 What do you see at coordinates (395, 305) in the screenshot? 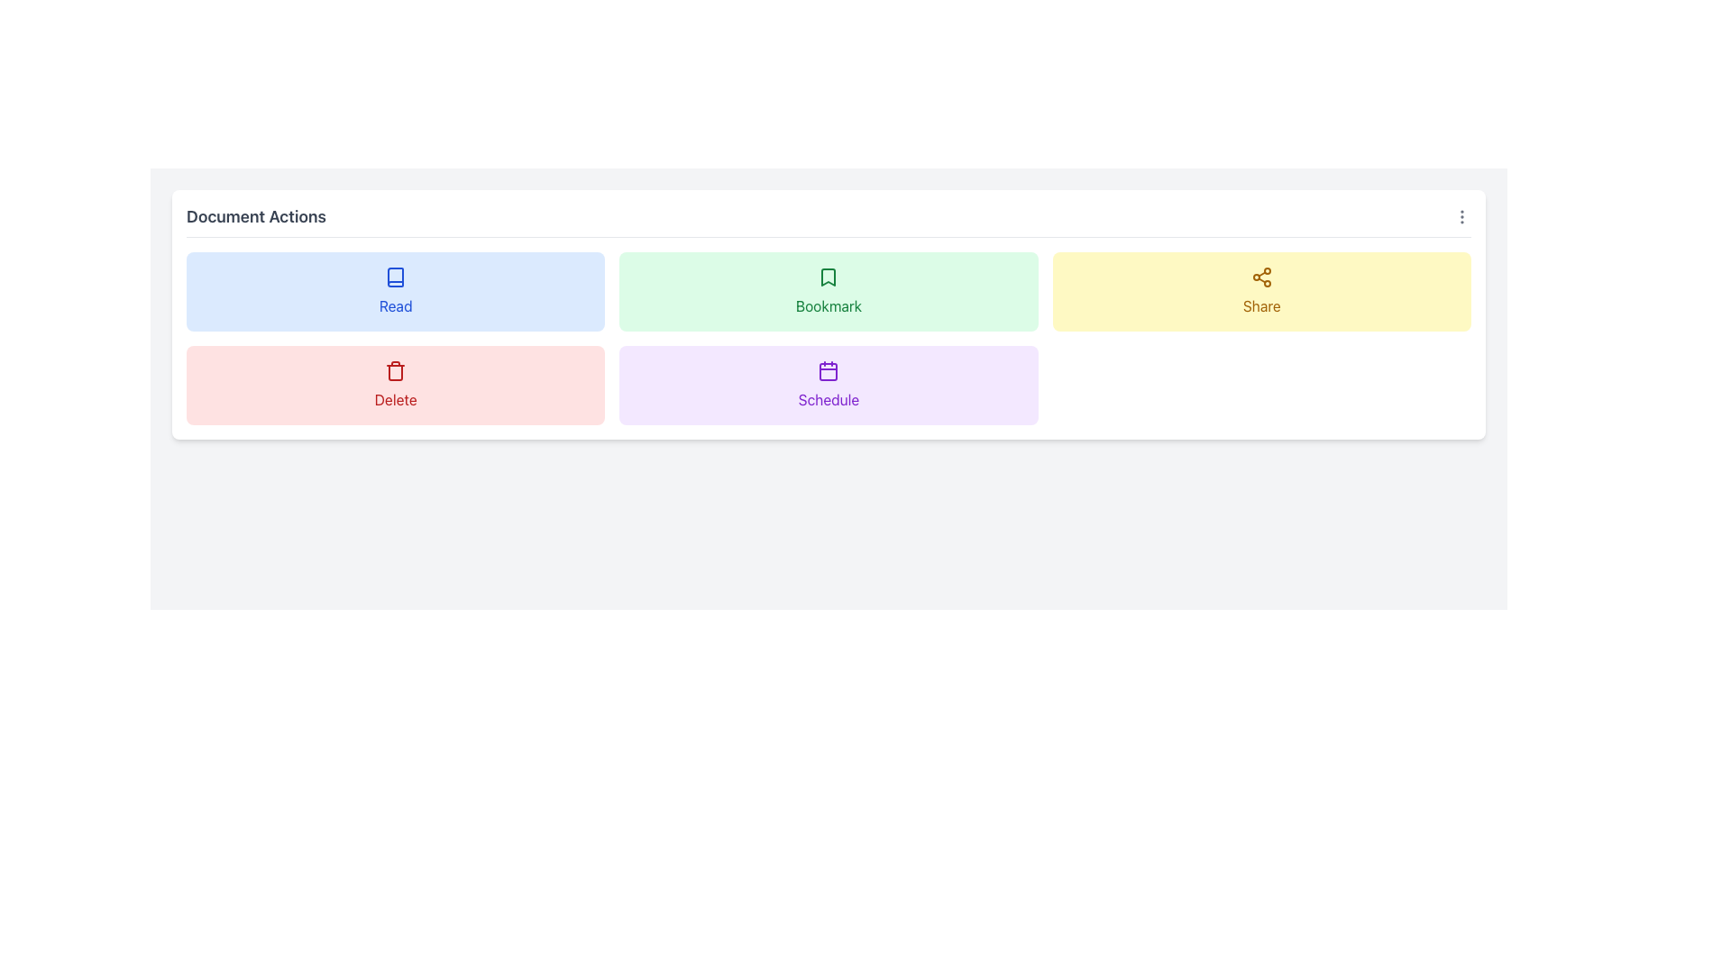
I see `the Text Label that describes the 'Read' action, which is centrally positioned in the first column of the top row of action containers` at bounding box center [395, 305].